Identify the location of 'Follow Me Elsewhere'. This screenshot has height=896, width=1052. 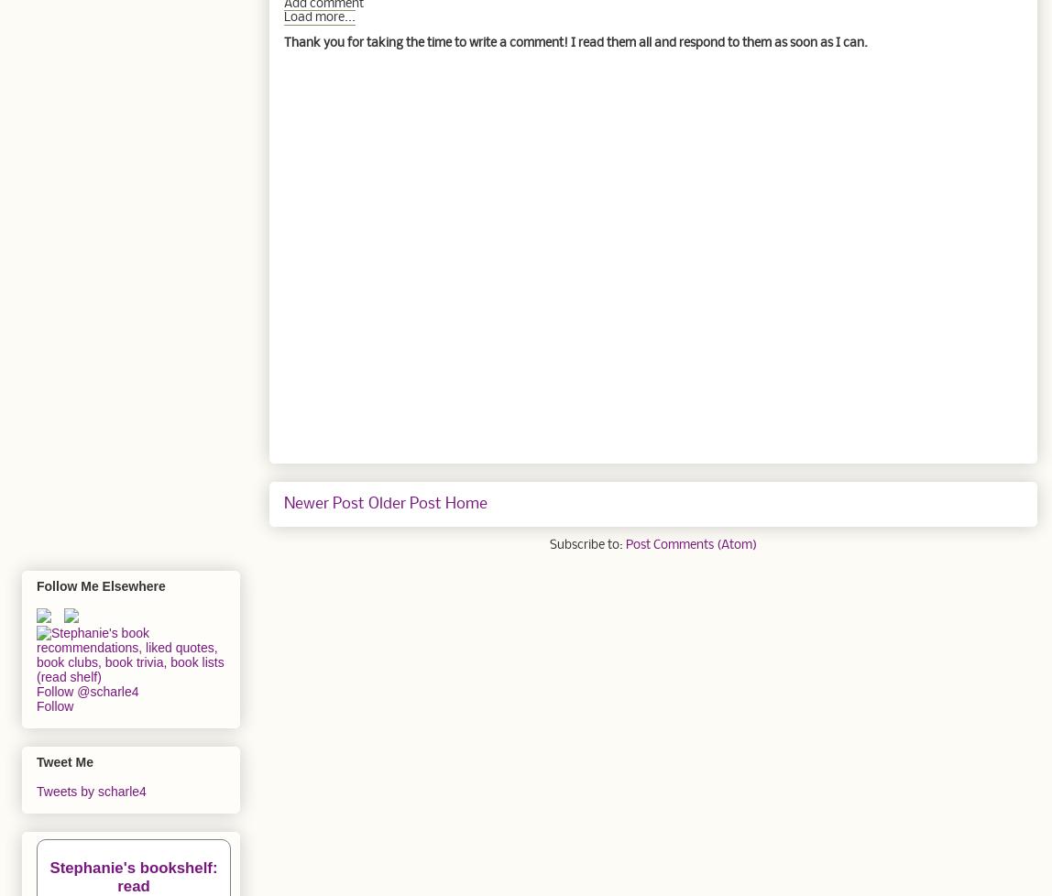
(100, 586).